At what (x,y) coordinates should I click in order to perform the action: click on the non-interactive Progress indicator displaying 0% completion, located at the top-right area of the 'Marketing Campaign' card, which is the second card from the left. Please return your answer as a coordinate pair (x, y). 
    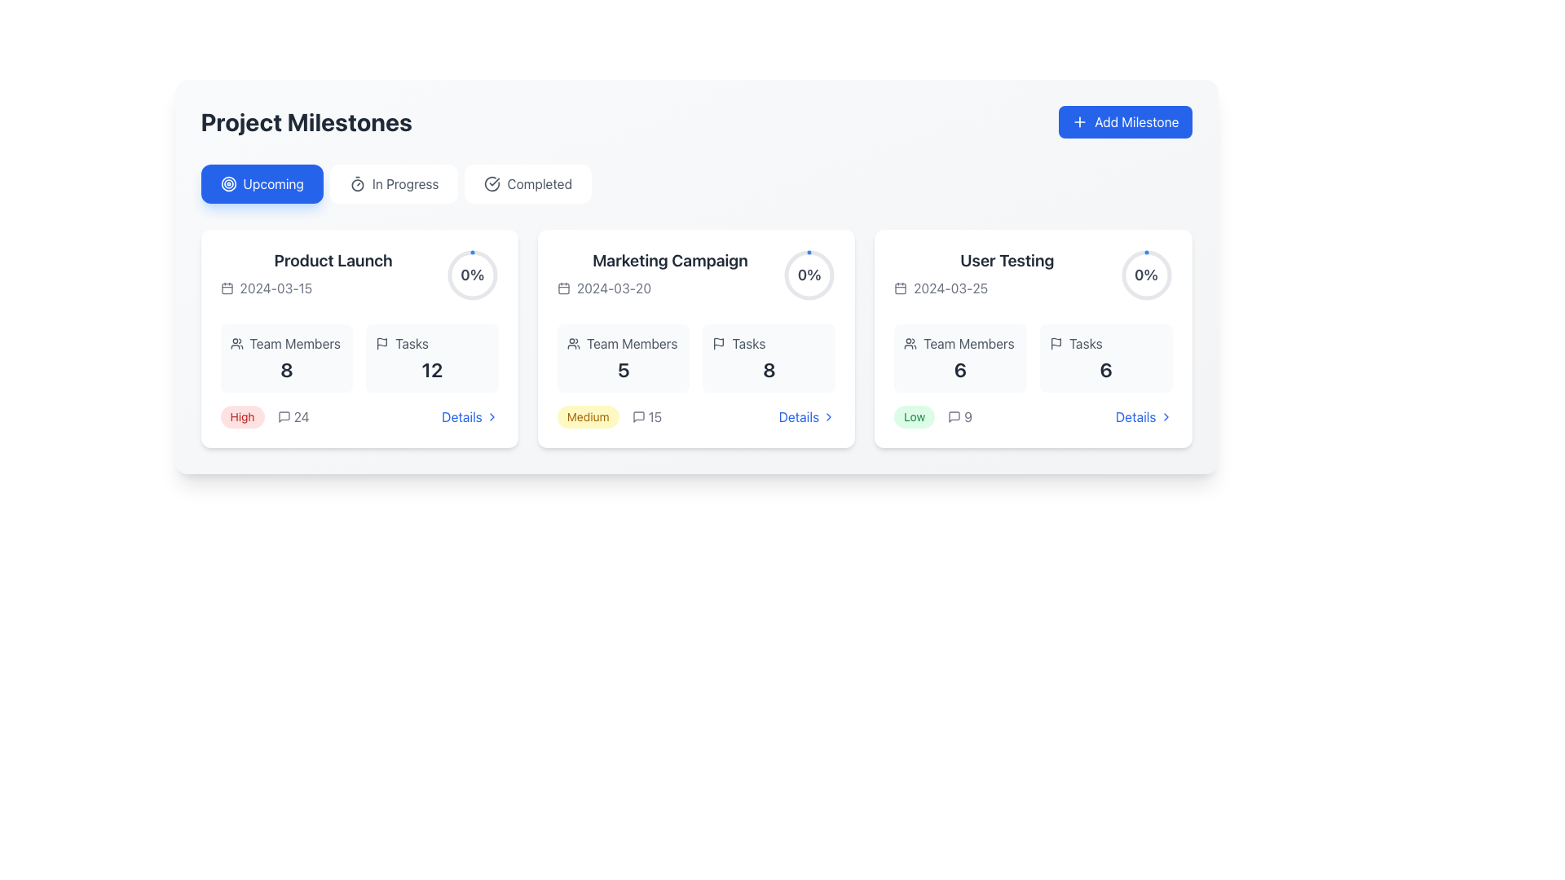
    Looking at the image, I should click on (809, 275).